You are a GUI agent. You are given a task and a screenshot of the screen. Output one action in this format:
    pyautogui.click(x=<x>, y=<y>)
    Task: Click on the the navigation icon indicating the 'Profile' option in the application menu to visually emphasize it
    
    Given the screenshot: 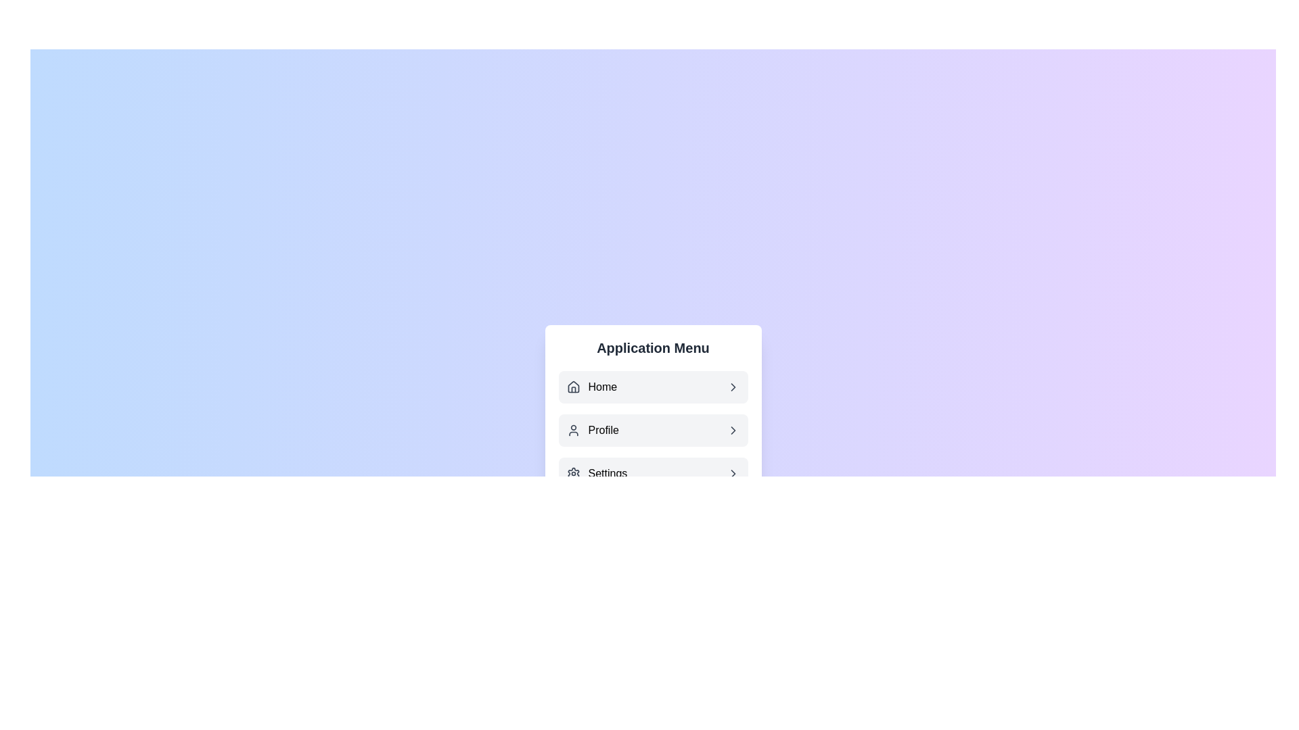 What is the action you would take?
    pyautogui.click(x=732, y=430)
    